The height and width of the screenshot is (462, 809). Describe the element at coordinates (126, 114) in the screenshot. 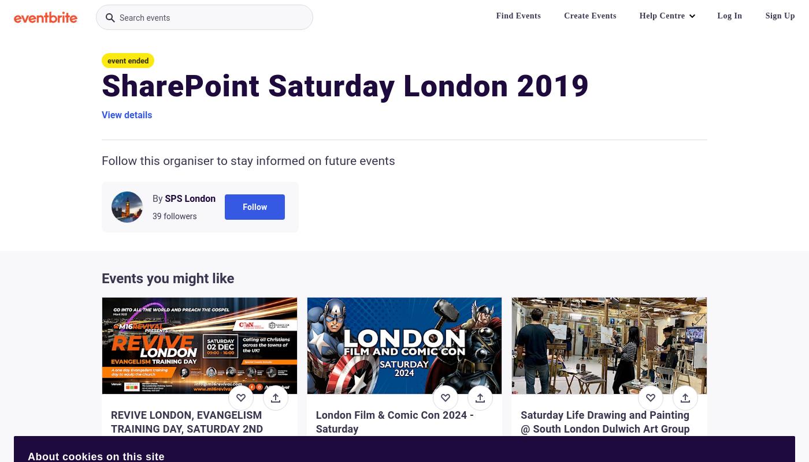

I see `'View details'` at that location.